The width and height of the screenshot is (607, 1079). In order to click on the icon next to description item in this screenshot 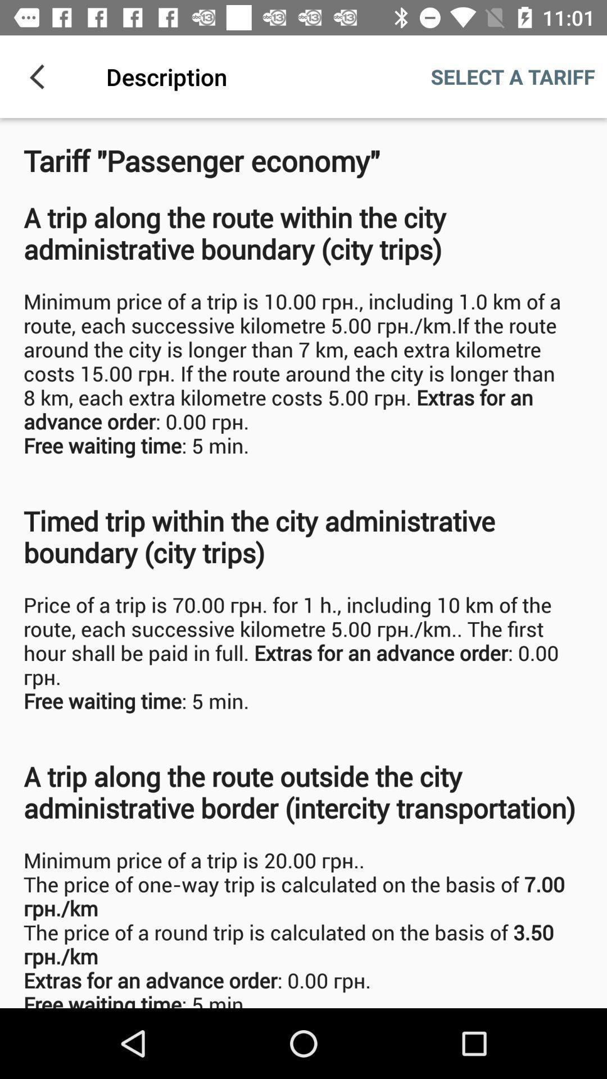, I will do `click(40, 76)`.